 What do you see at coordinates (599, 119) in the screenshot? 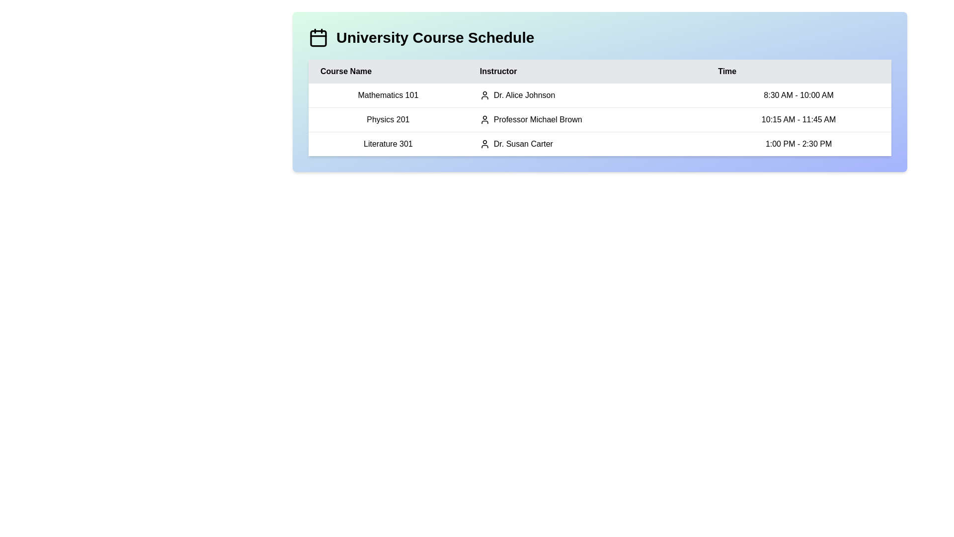
I see `contents of the second row in the 'University Course Schedule' table, which includes the course title, professor's name, and schedule` at bounding box center [599, 119].